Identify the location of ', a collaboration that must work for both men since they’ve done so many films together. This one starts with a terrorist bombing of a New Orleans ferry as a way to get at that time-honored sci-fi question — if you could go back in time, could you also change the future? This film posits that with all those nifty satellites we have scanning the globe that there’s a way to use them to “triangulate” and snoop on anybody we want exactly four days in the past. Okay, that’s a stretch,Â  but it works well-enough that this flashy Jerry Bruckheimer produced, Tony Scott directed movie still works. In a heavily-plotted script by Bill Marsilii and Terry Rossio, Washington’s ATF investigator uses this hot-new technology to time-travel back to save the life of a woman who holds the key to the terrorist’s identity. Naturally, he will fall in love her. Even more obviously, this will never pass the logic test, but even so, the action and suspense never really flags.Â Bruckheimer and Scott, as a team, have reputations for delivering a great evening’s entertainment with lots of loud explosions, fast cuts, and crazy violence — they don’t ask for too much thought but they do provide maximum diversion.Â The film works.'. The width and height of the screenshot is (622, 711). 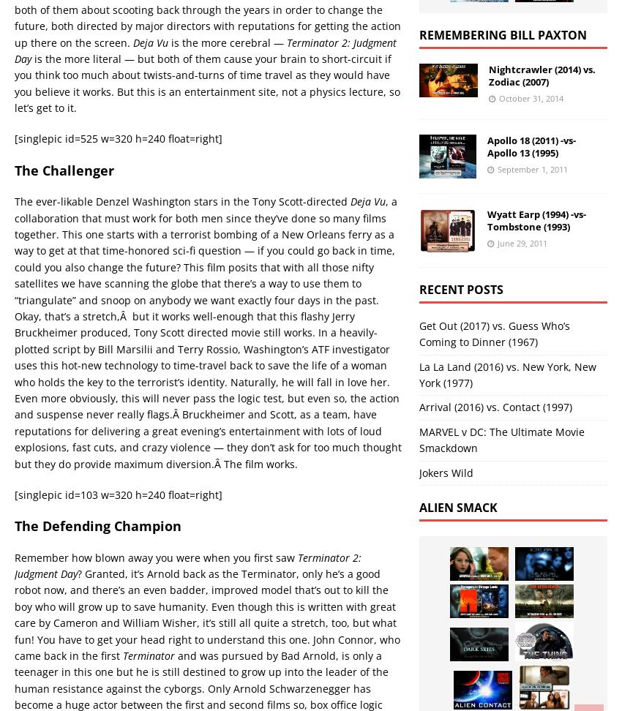
(207, 331).